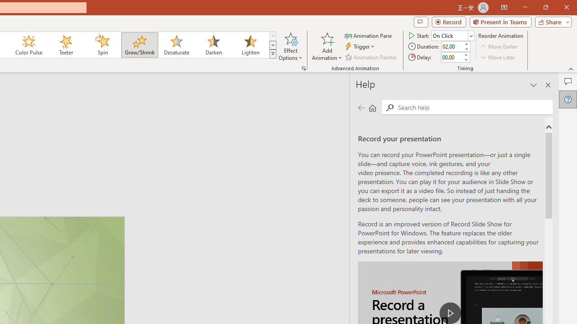  What do you see at coordinates (65, 45) in the screenshot?
I see `'Teeter'` at bounding box center [65, 45].